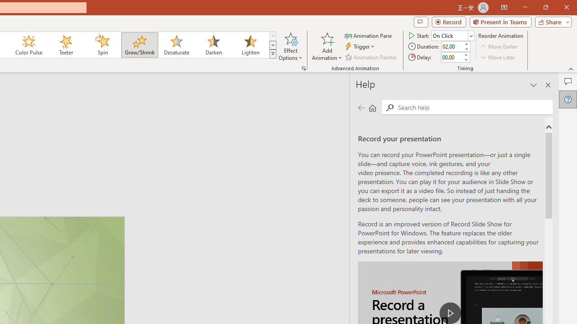  What do you see at coordinates (65, 45) in the screenshot?
I see `'Teeter'` at bounding box center [65, 45].